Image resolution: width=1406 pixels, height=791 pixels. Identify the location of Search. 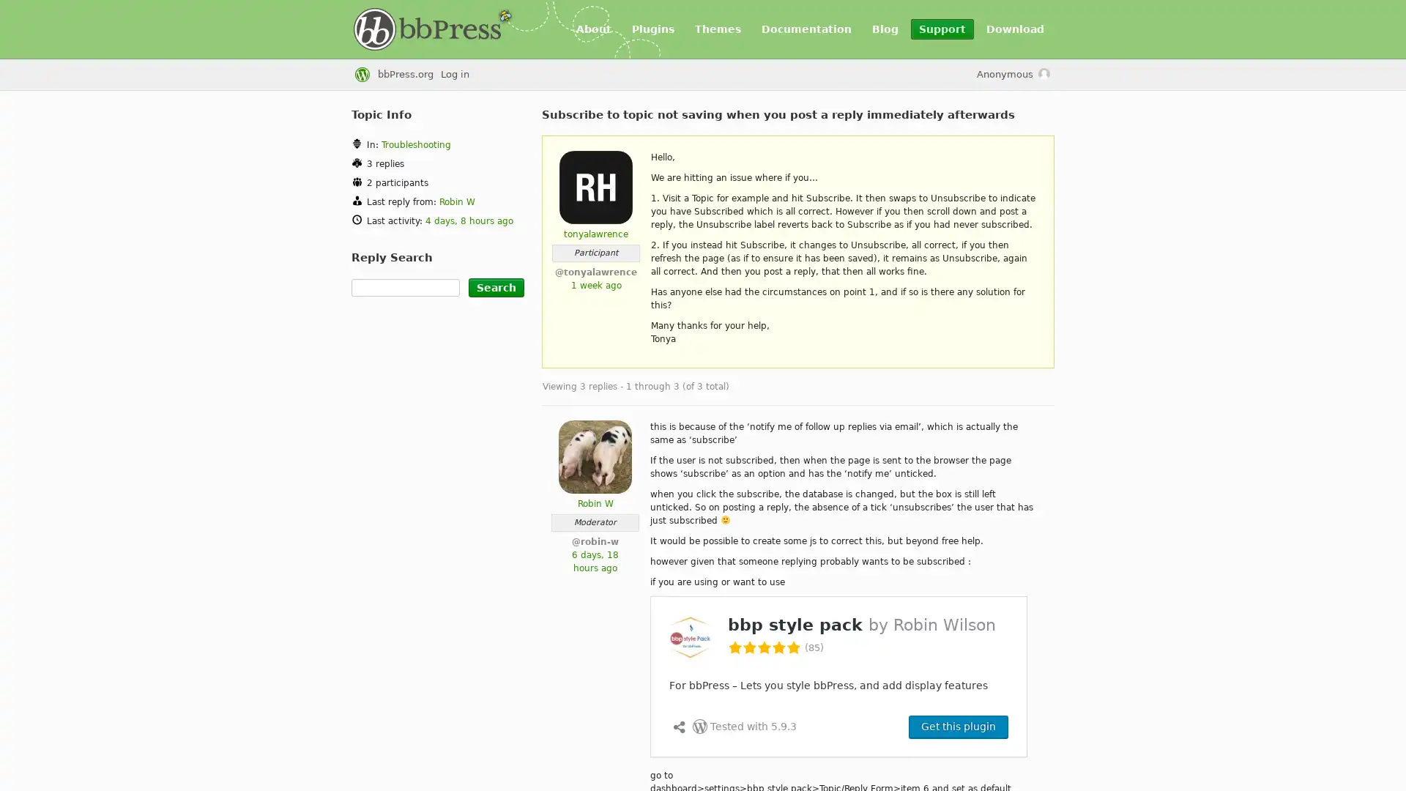
(496, 288).